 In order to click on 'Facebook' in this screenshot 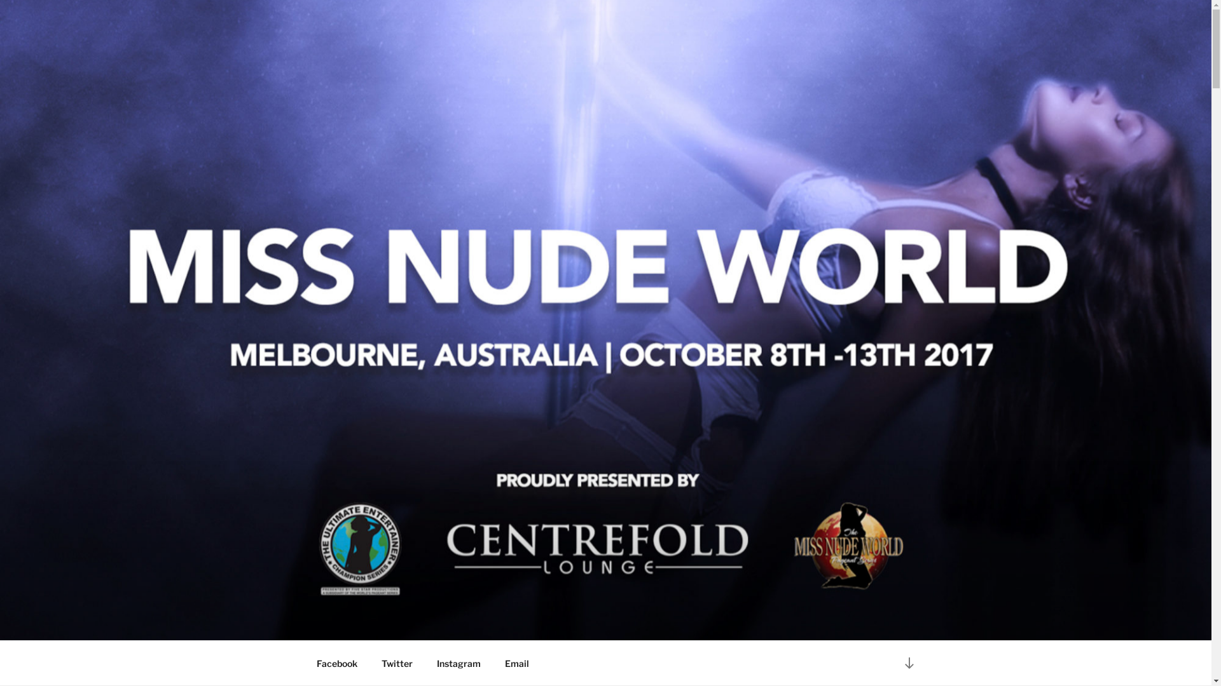, I will do `click(336, 662)`.